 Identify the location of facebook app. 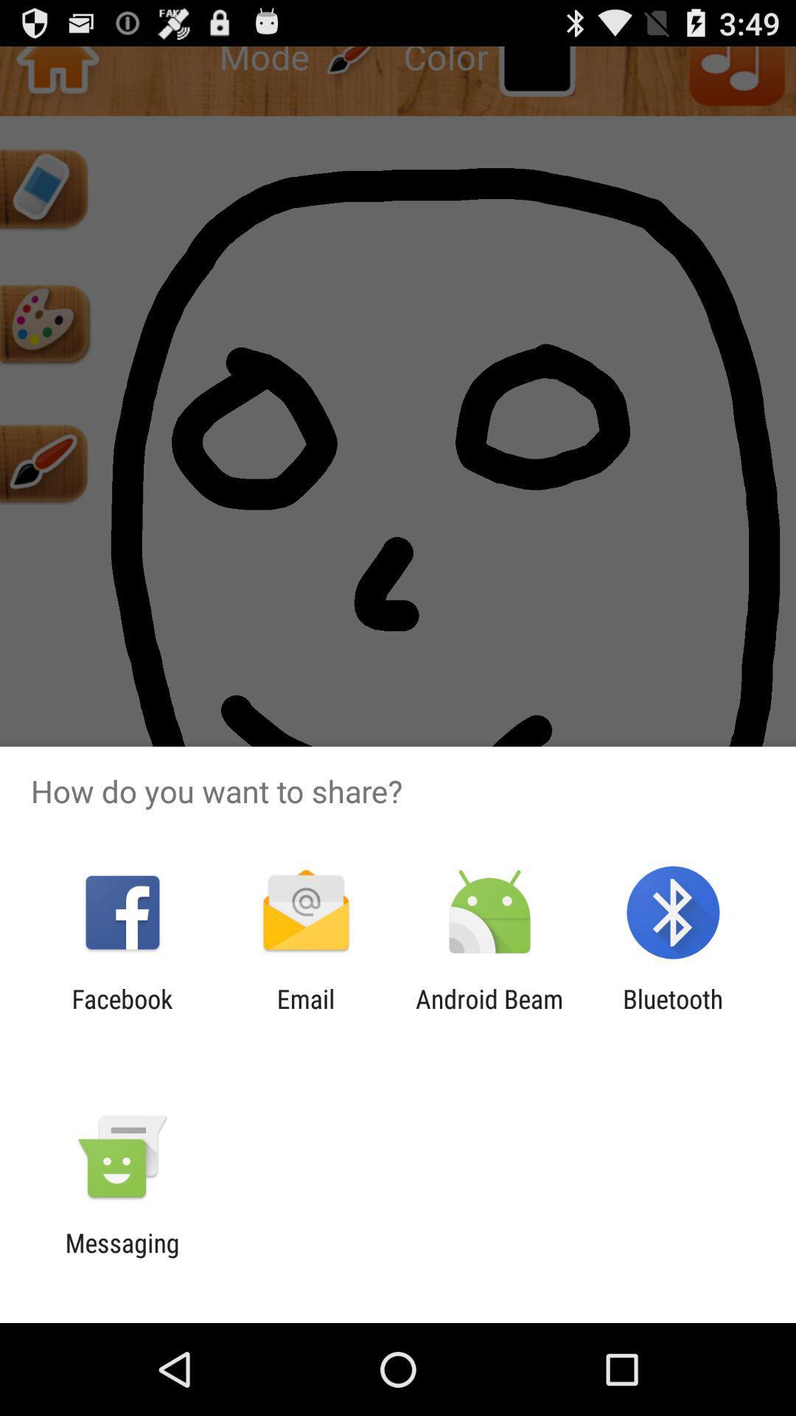
(122, 1013).